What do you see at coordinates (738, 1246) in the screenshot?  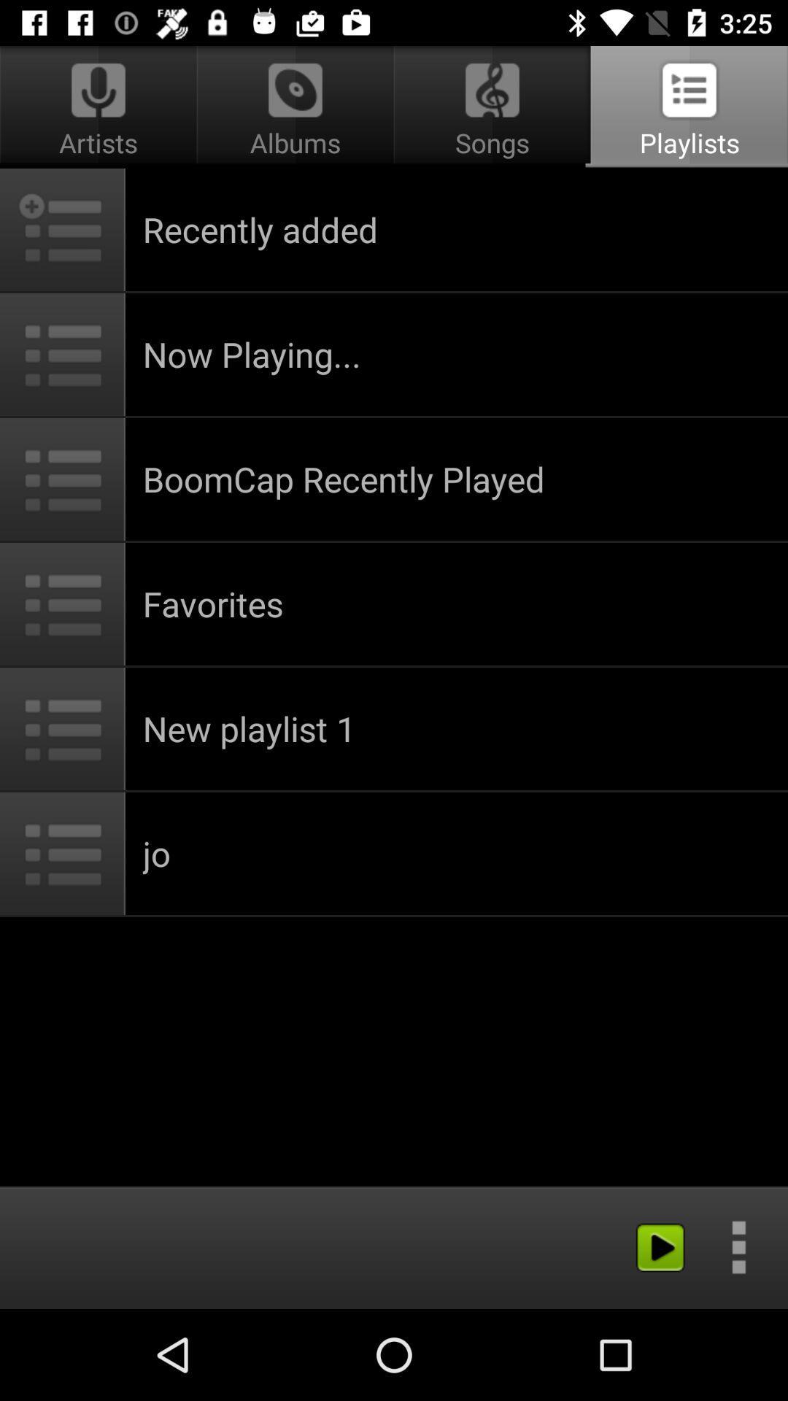 I see `the more icon` at bounding box center [738, 1246].